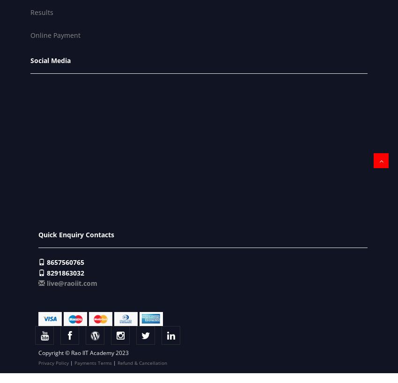 Image resolution: width=398 pixels, height=383 pixels. Describe the element at coordinates (30, 35) in the screenshot. I see `'Online Payment'` at that location.